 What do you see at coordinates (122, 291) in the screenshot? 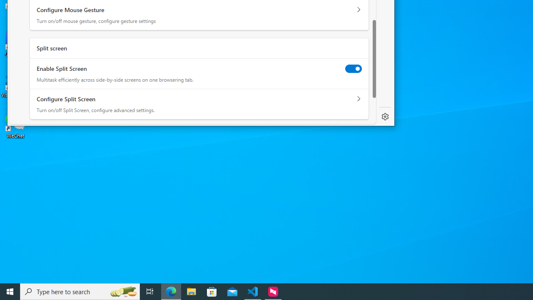
I see `'Search highlights icon opens search home window'` at bounding box center [122, 291].